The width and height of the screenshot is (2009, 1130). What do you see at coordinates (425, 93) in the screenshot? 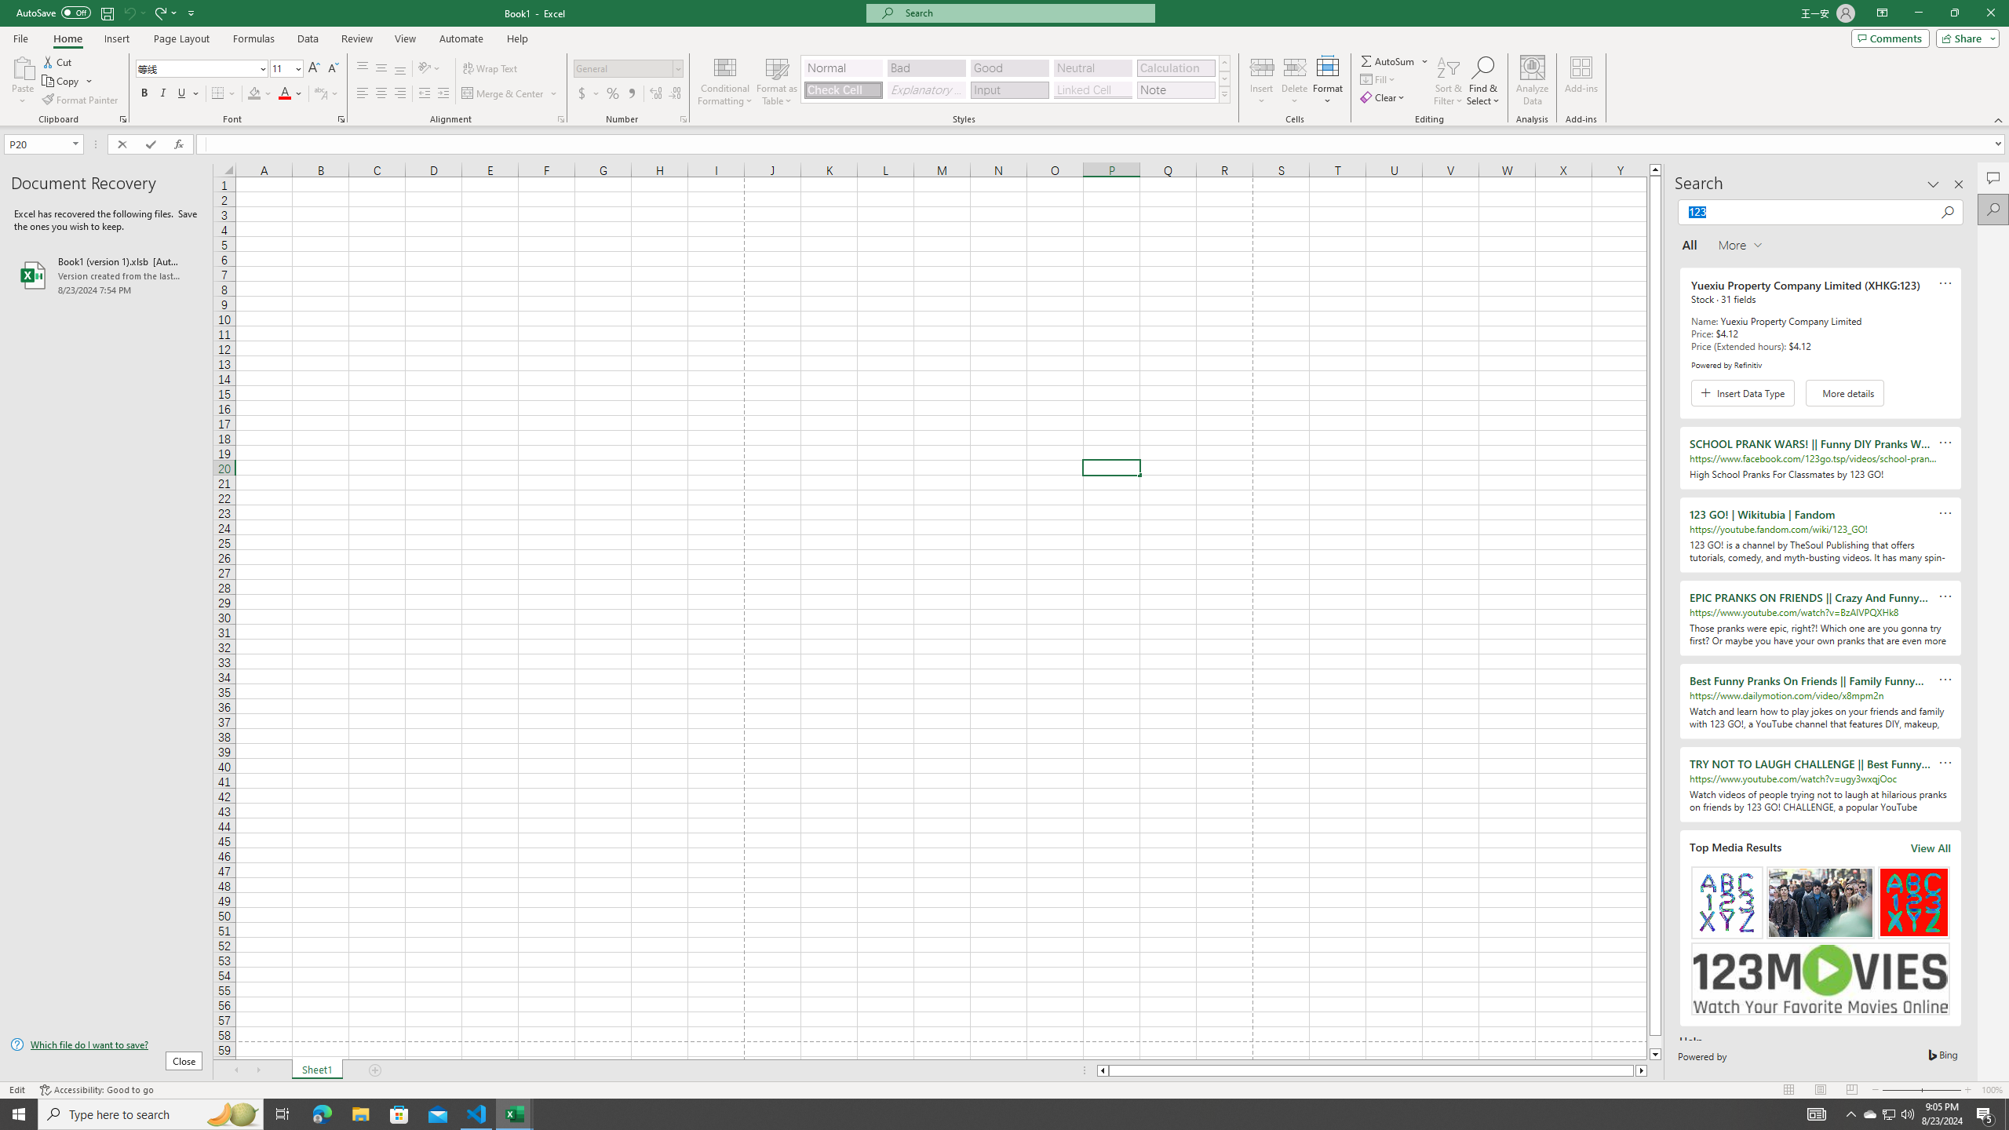
I see `'Decrease Indent'` at bounding box center [425, 93].